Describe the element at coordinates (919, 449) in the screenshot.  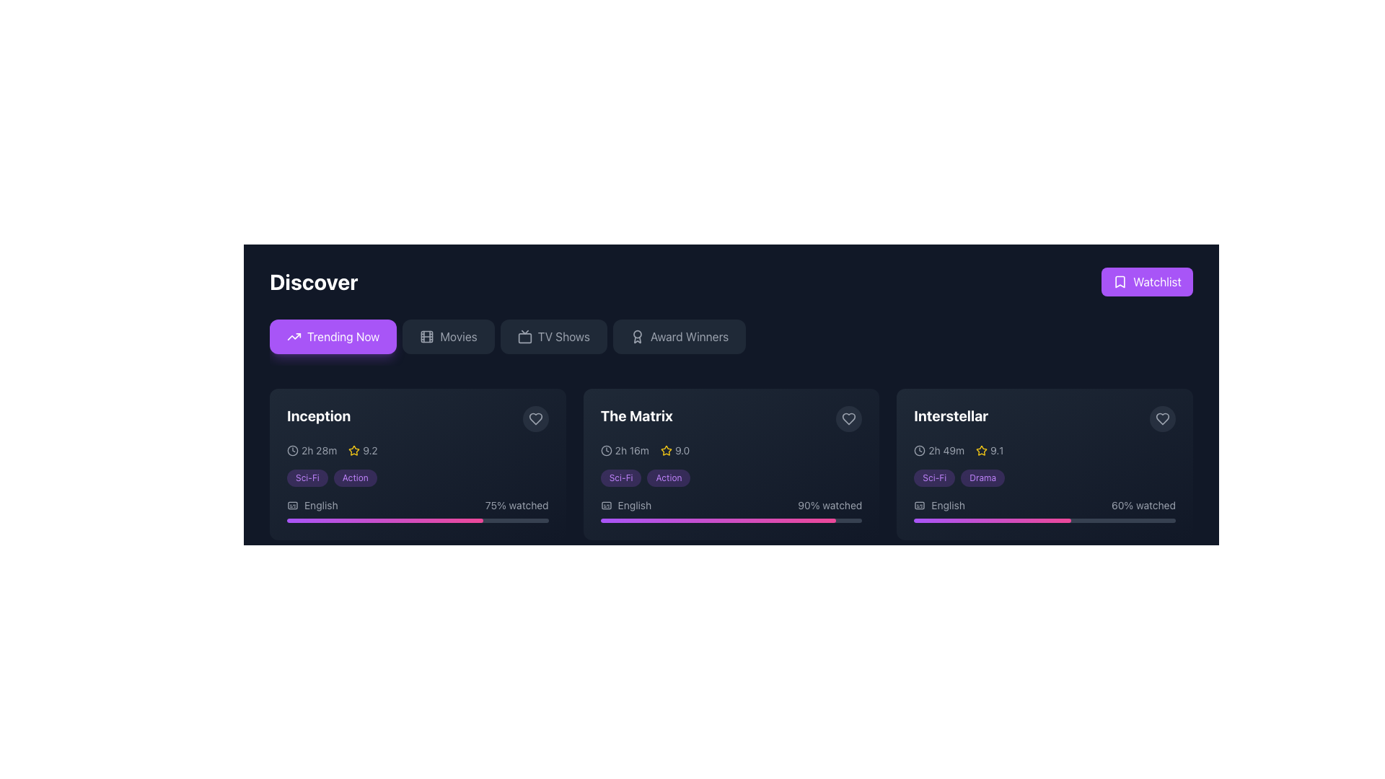
I see `the clock icon located in the 'Interstellar' card, positioned to the left of the text '2h 49m'` at that location.